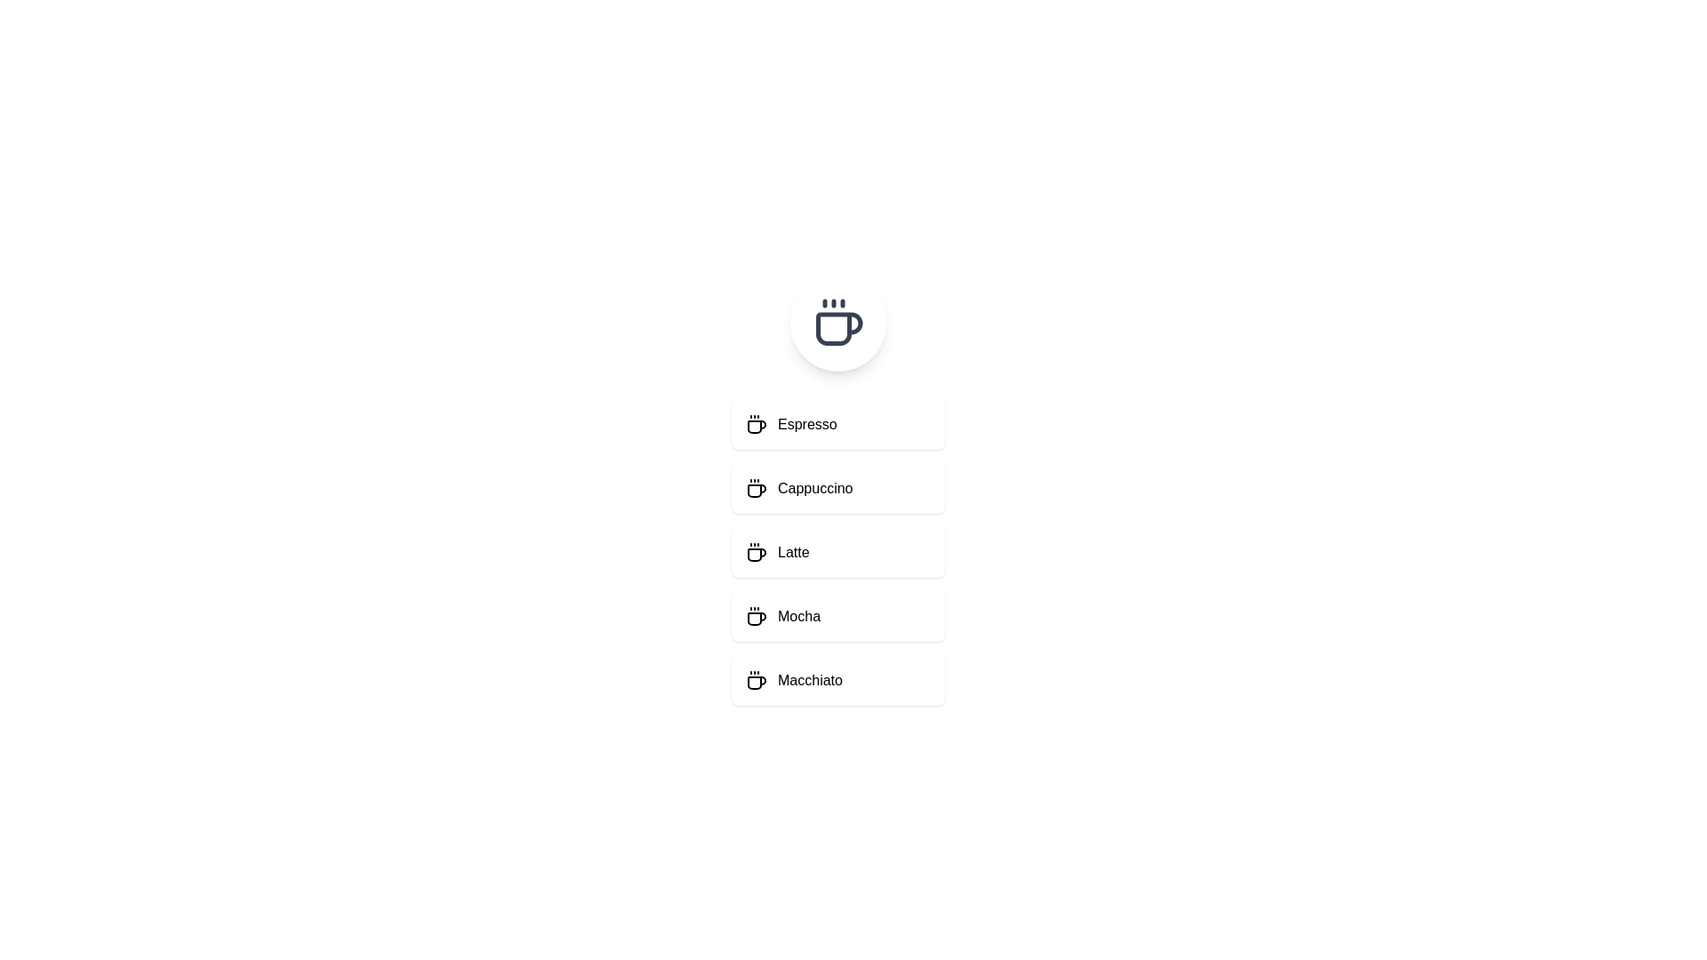 Image resolution: width=1707 pixels, height=960 pixels. I want to click on the menu item Latte to observe its hover effect, so click(837, 551).